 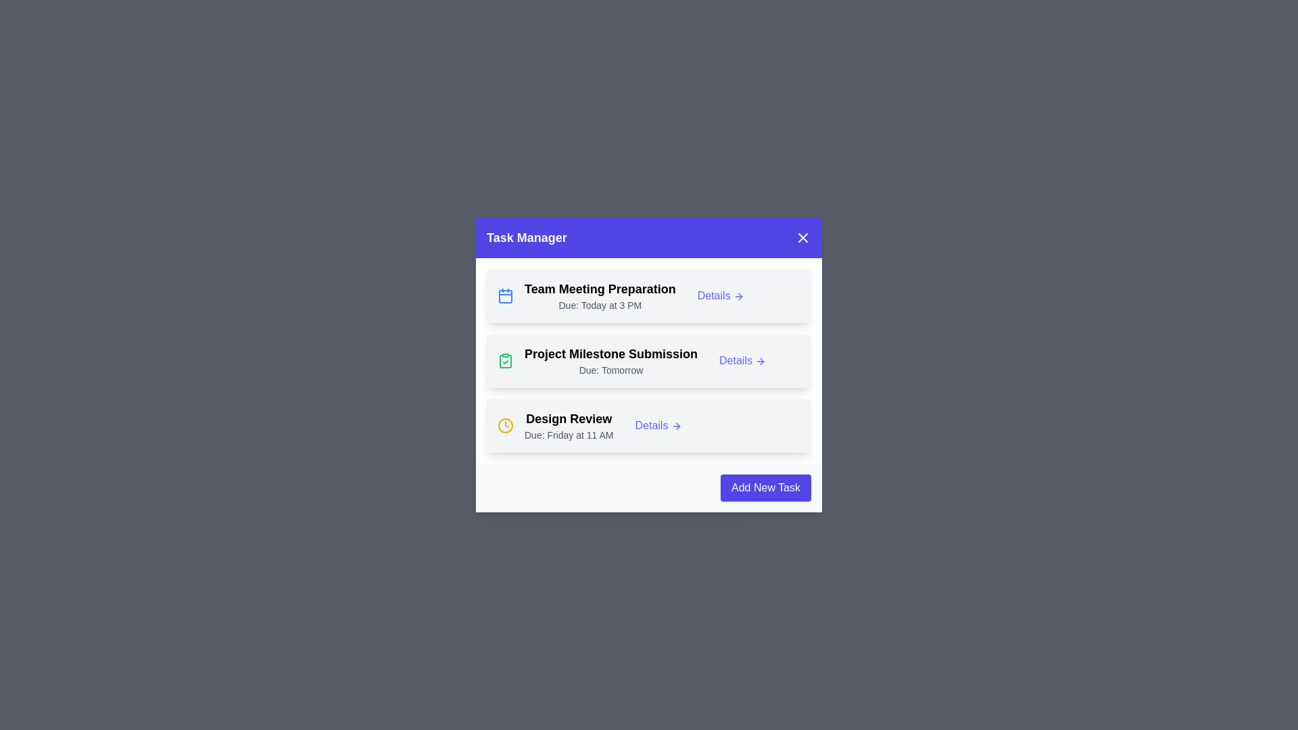 I want to click on bold text label displaying 'Team Meeting Preparation' located in the first row of the task list in the 'Task Manager' popup interface, positioned above the subtitle 'Due: Today at 3 PM', so click(x=599, y=289).